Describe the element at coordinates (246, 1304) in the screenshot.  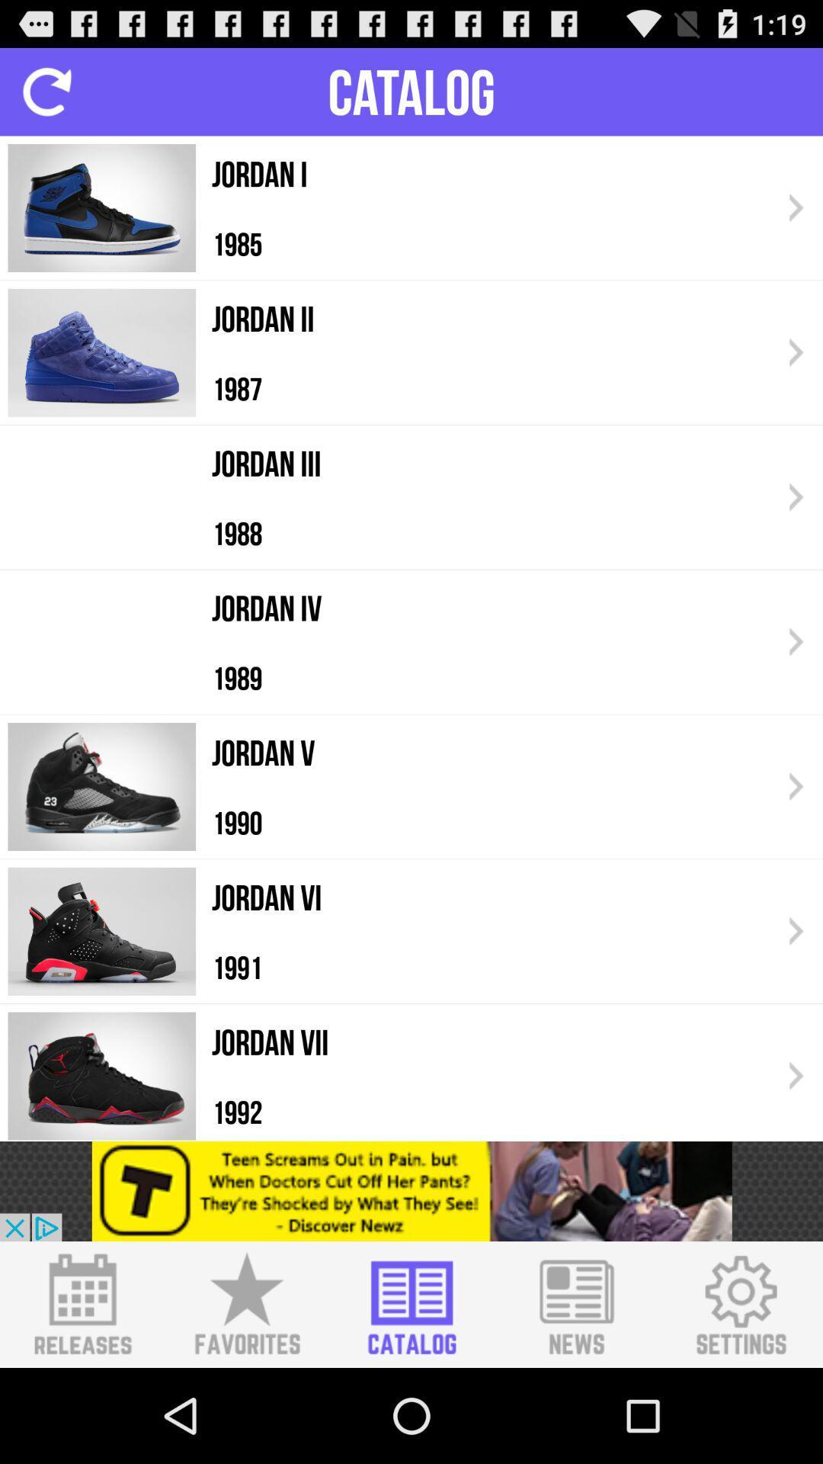
I see `favourites` at that location.